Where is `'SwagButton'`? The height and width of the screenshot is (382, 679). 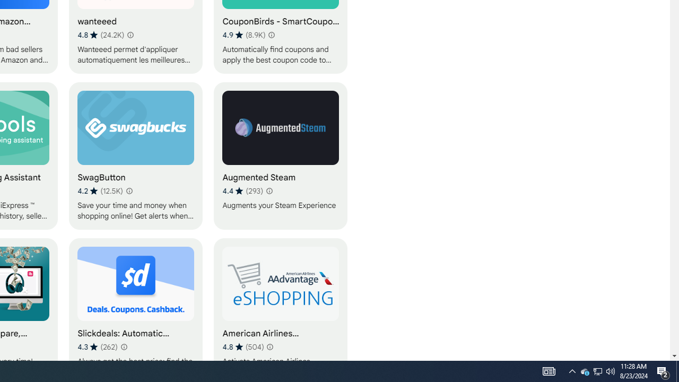
'SwagButton' is located at coordinates (135, 155).